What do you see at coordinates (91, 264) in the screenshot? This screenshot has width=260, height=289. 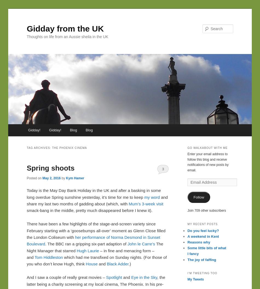 I see `'House'` at bounding box center [91, 264].